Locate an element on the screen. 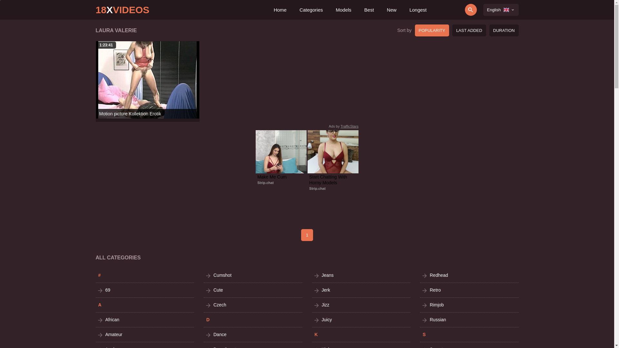 This screenshot has height=348, width=619. '1:23:41 is located at coordinates (147, 79).